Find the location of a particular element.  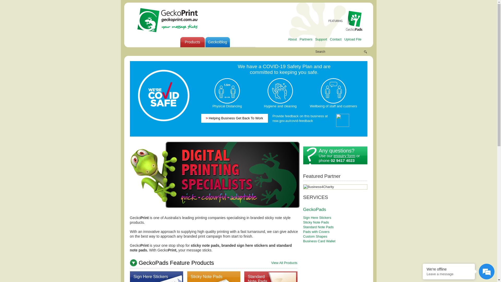

'Pads with Covers' is located at coordinates (303, 231).